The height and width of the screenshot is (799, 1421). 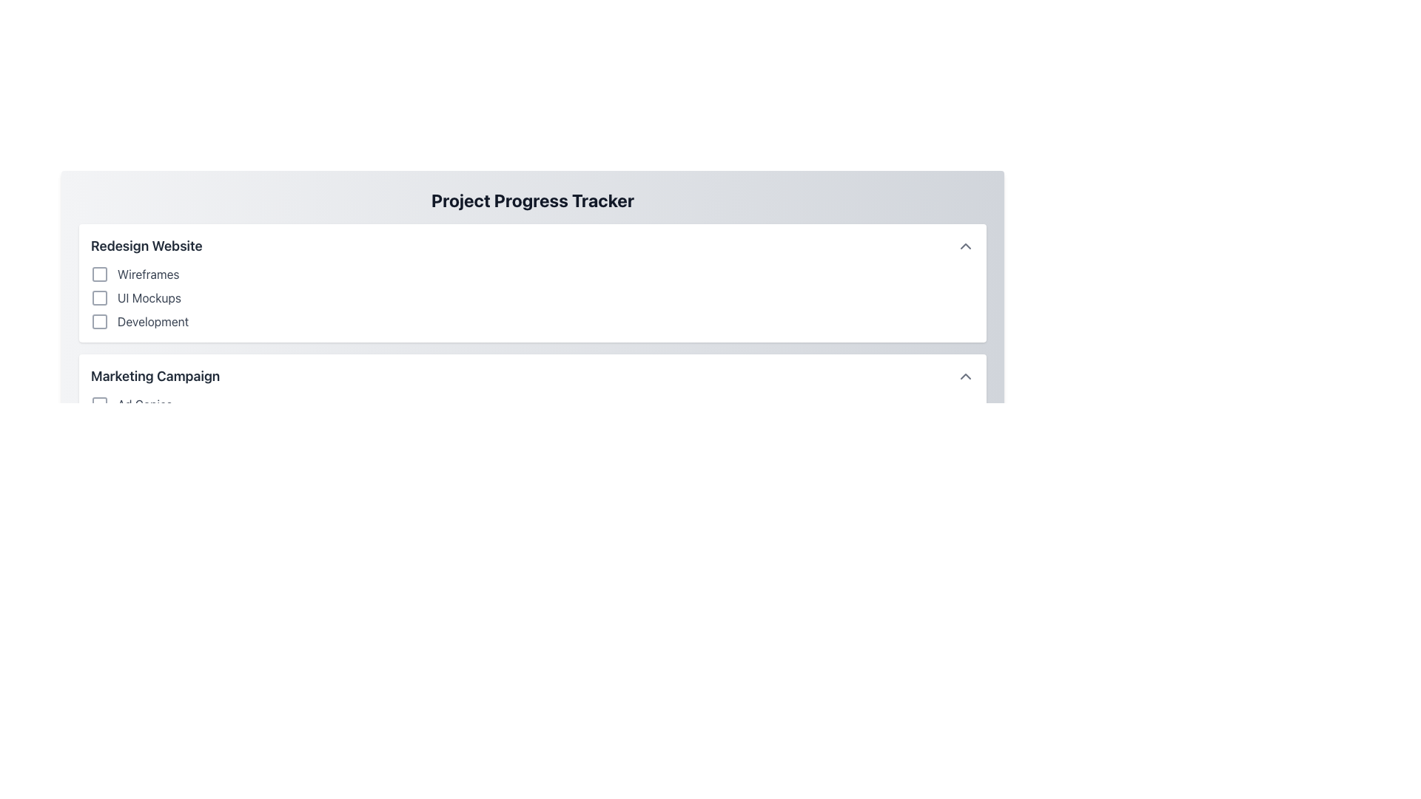 I want to click on the inner checkbox located in the second list section titled 'Marketing Campaign', adjacent to the 'Ad Series' option, so click(x=98, y=405).